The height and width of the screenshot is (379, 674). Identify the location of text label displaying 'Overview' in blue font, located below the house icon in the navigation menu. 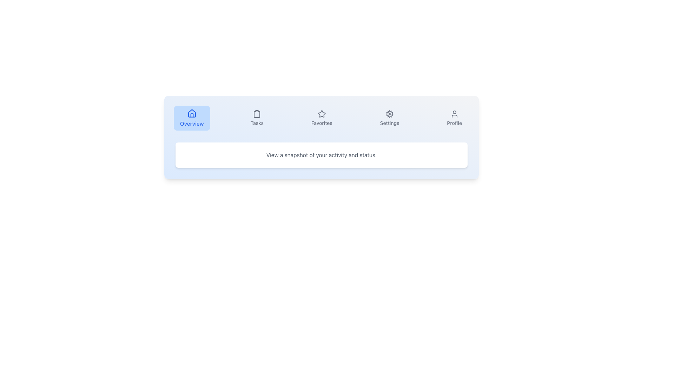
(192, 123).